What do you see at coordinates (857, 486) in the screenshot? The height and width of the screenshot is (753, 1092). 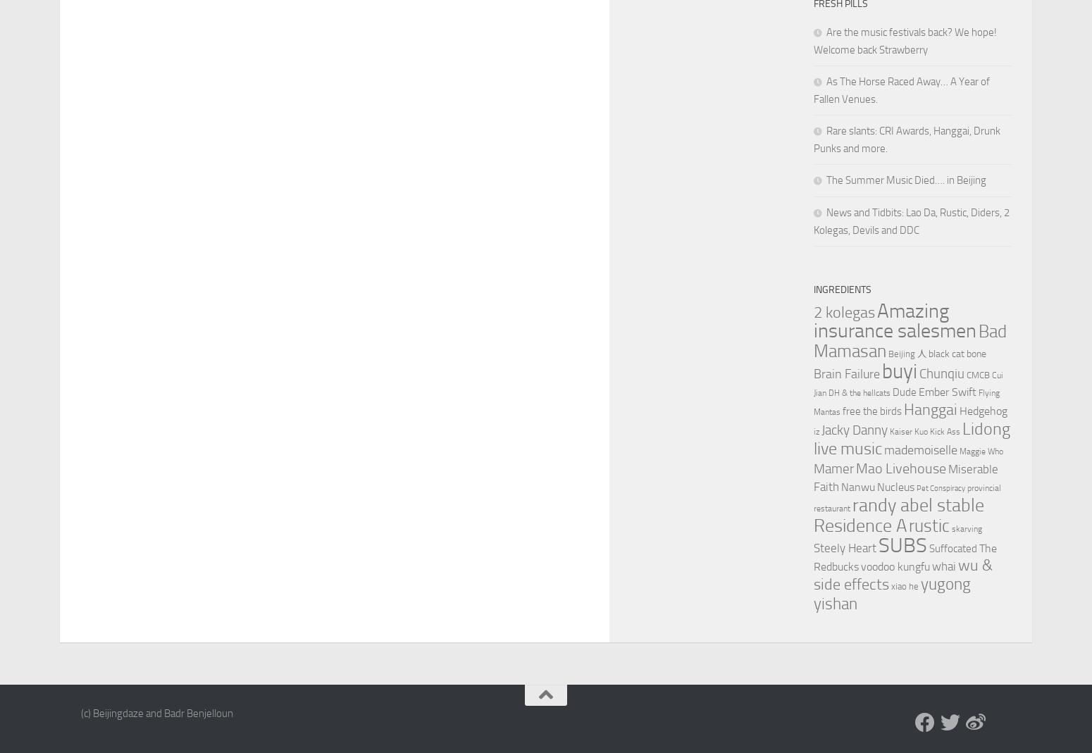 I see `'Nanwu'` at bounding box center [857, 486].